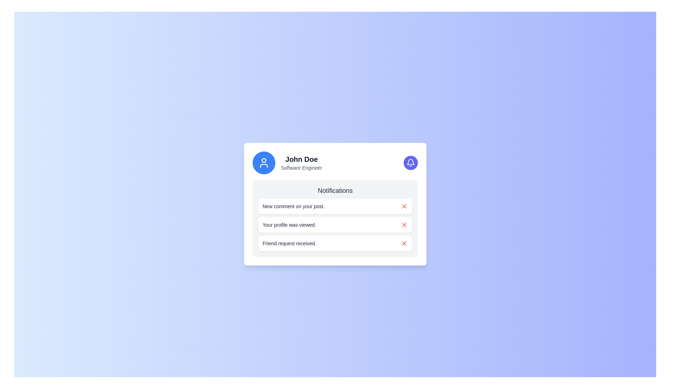 The height and width of the screenshot is (385, 684). Describe the element at coordinates (404, 243) in the screenshot. I see `the button located at the right end of the notification bar labeled 'Friend request received' to change its color` at that location.